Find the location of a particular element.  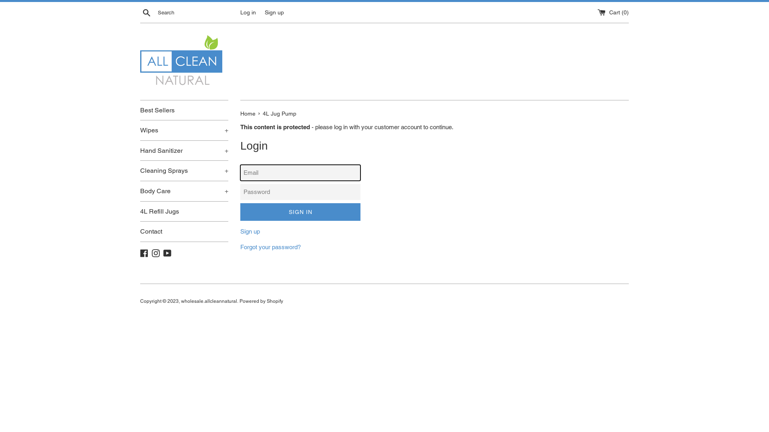

'Facebook' is located at coordinates (144, 252).